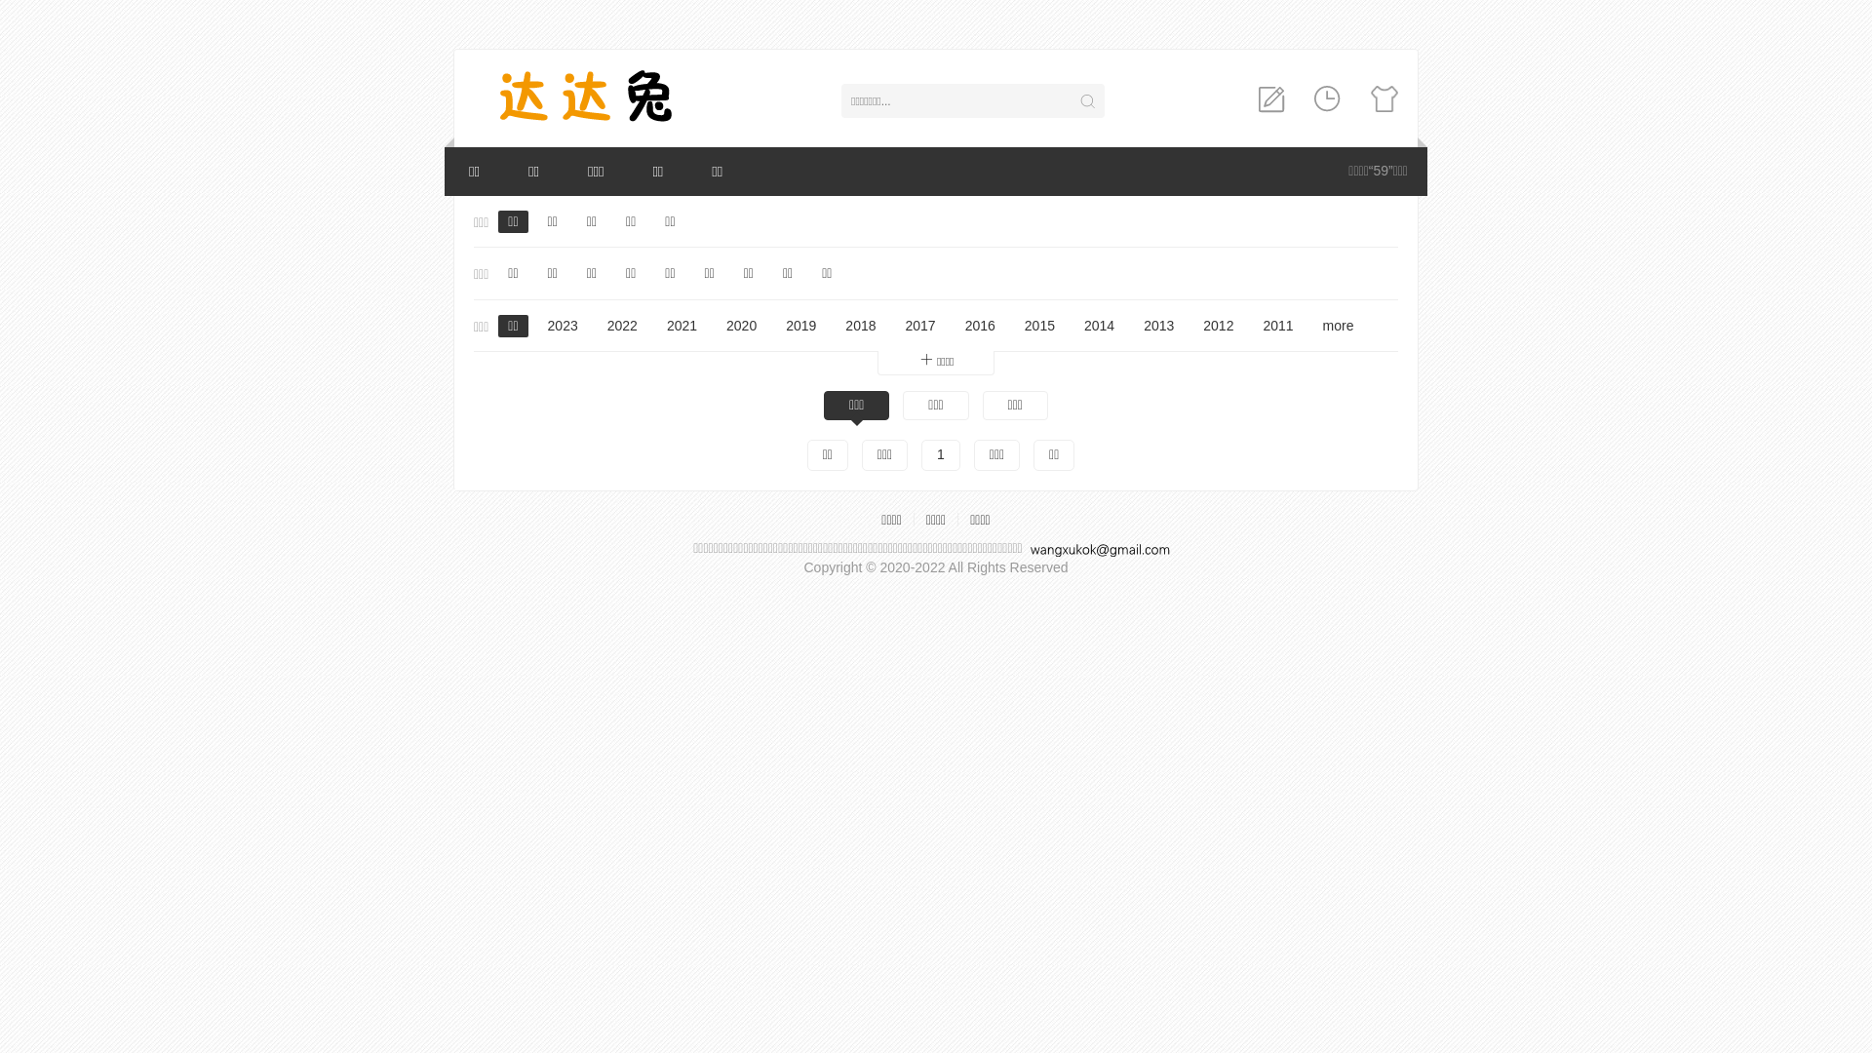 The width and height of the screenshot is (1872, 1053). Describe the element at coordinates (919, 326) in the screenshot. I see `'2017'` at that location.